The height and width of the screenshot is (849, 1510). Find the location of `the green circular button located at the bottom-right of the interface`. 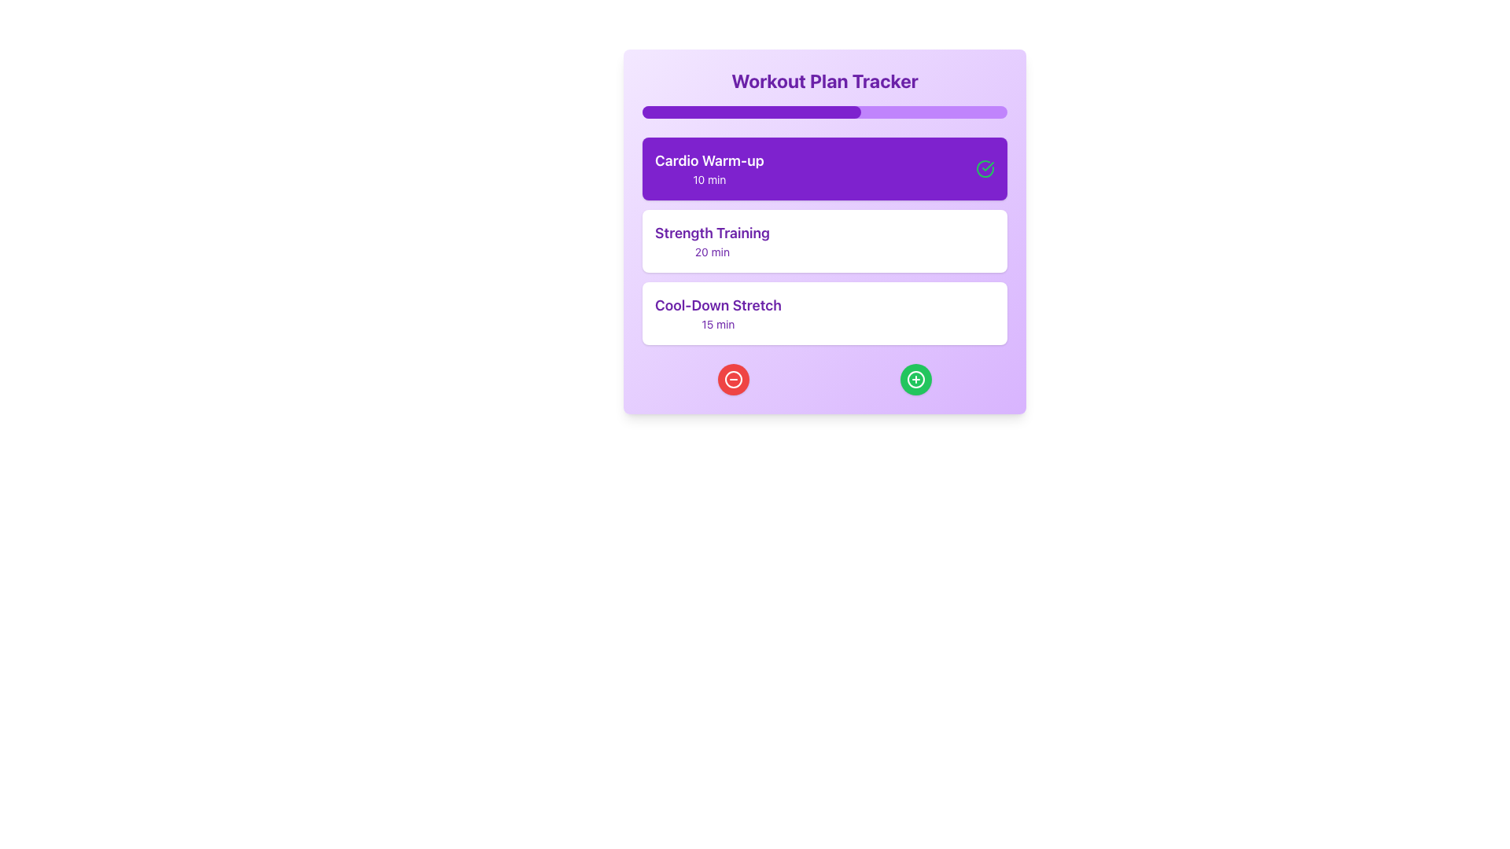

the green circular button located at the bottom-right of the interface is located at coordinates (916, 379).